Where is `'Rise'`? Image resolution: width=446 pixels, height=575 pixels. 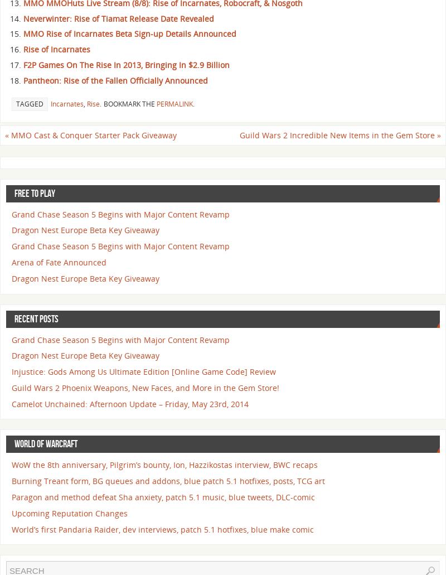 'Rise' is located at coordinates (87, 103).